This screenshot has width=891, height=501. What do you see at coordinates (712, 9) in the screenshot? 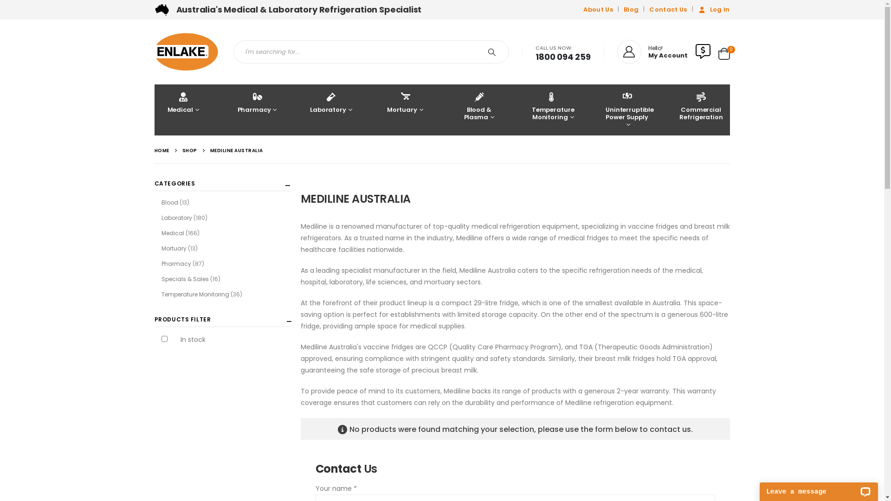
I see `'Log In'` at bounding box center [712, 9].